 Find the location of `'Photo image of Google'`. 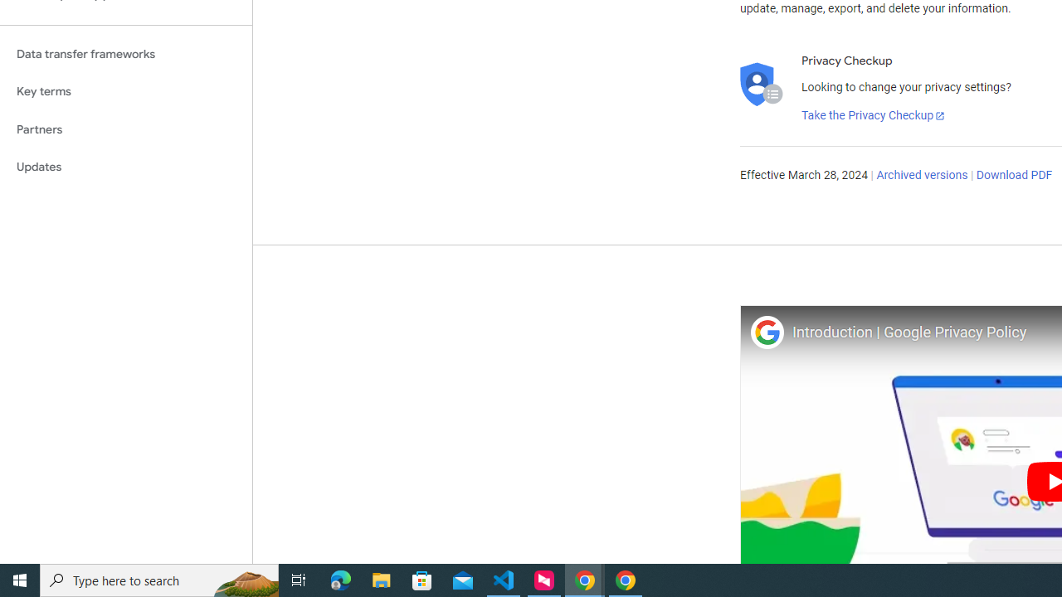

'Photo image of Google' is located at coordinates (766, 332).